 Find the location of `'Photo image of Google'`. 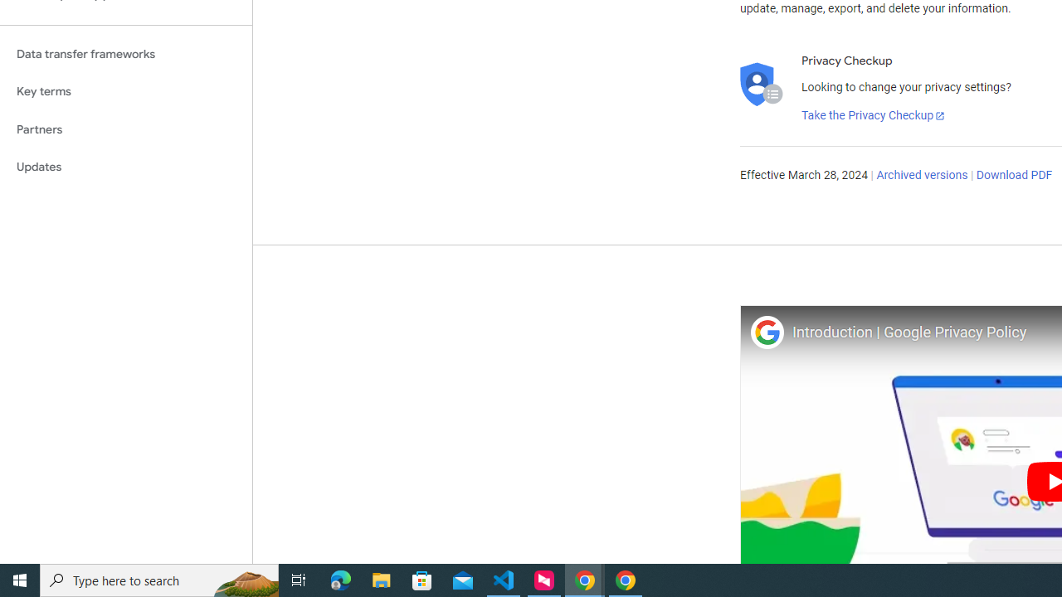

'Photo image of Google' is located at coordinates (766, 332).